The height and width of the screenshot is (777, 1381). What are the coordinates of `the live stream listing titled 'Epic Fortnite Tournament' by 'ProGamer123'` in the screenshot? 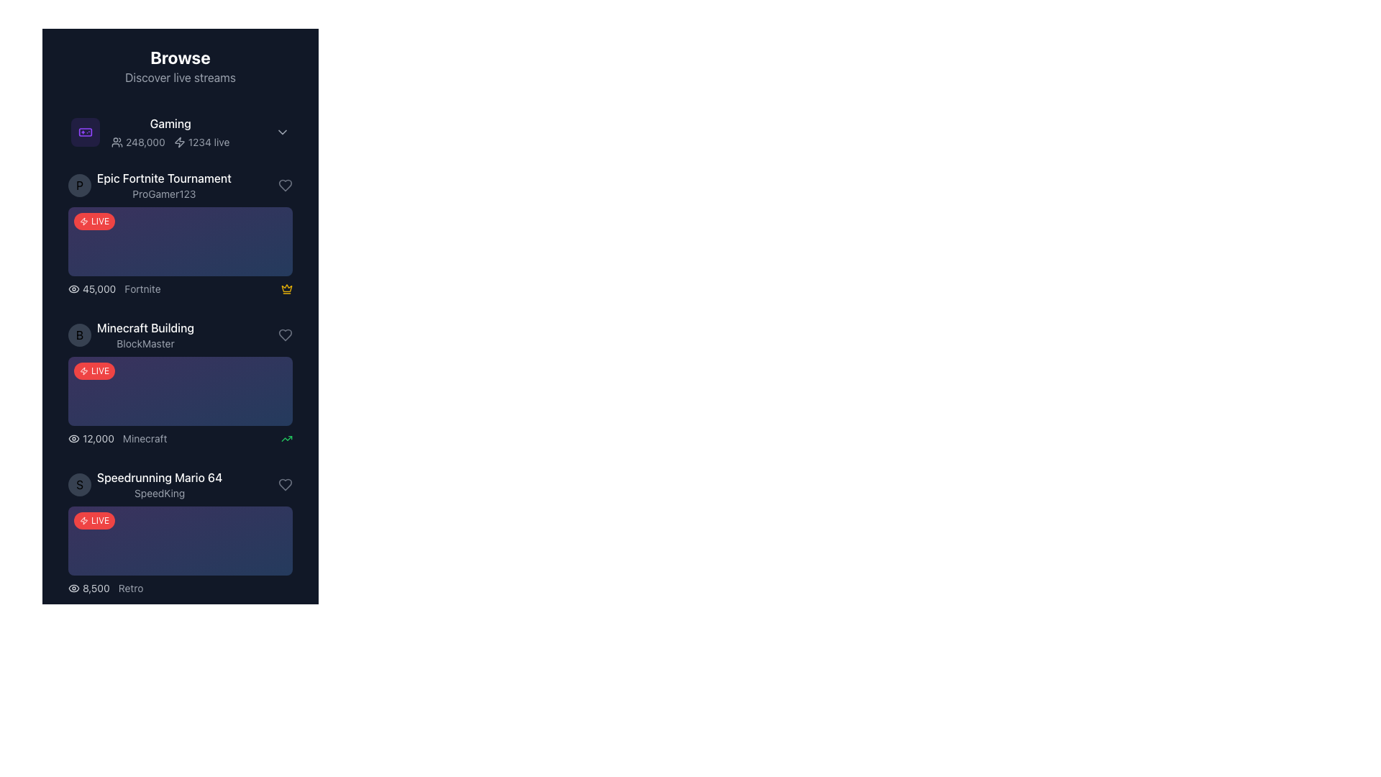 It's located at (150, 185).